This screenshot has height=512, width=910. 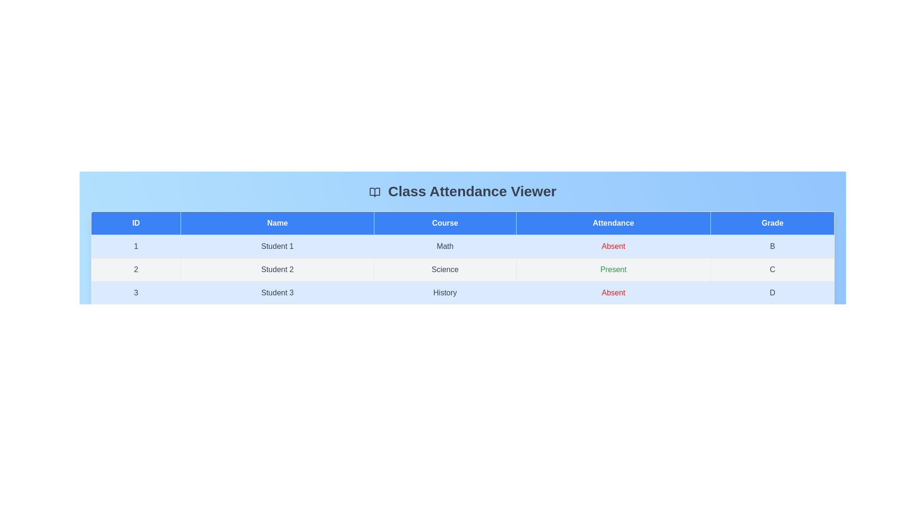 I want to click on the header icon to inspect additional actions or information, so click(x=374, y=192).